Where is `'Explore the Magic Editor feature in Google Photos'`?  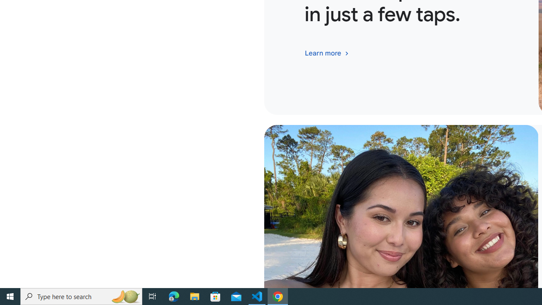 'Explore the Magic Editor feature in Google Photos' is located at coordinates (326, 53).